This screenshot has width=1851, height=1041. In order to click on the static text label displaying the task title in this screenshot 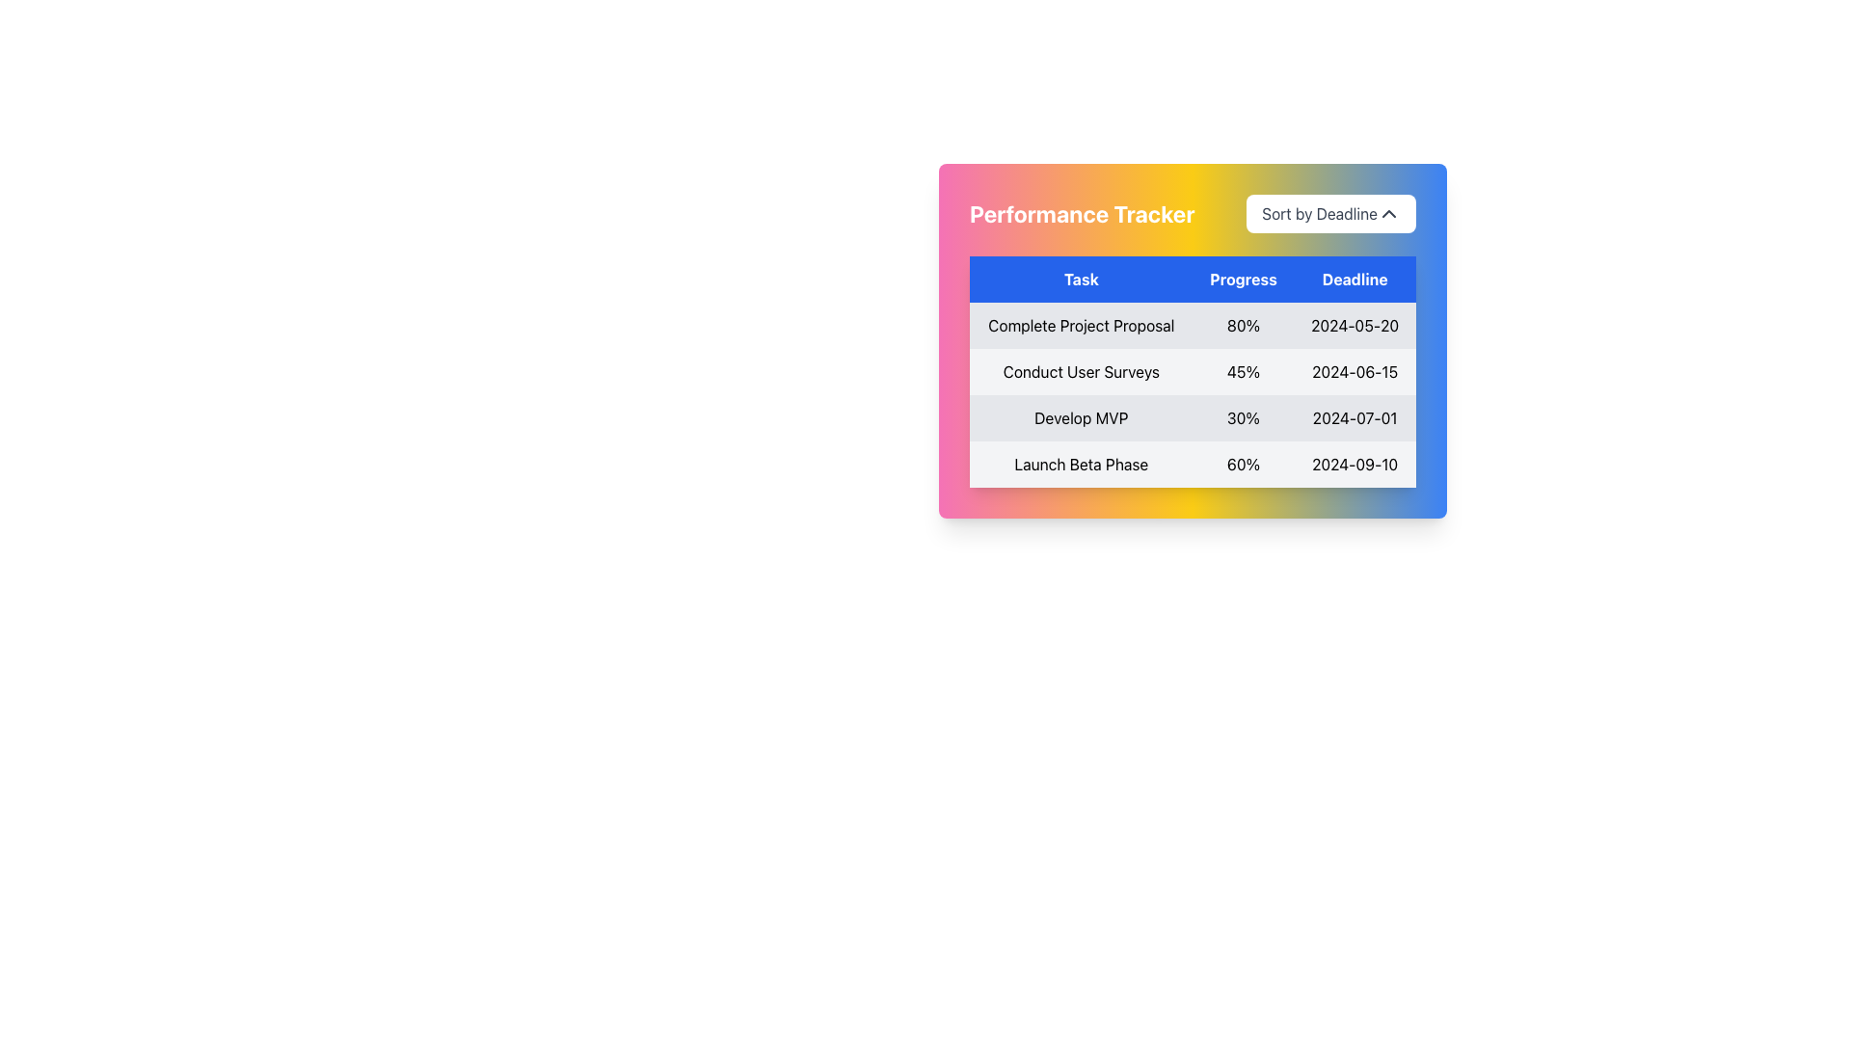, I will do `click(1081, 371)`.